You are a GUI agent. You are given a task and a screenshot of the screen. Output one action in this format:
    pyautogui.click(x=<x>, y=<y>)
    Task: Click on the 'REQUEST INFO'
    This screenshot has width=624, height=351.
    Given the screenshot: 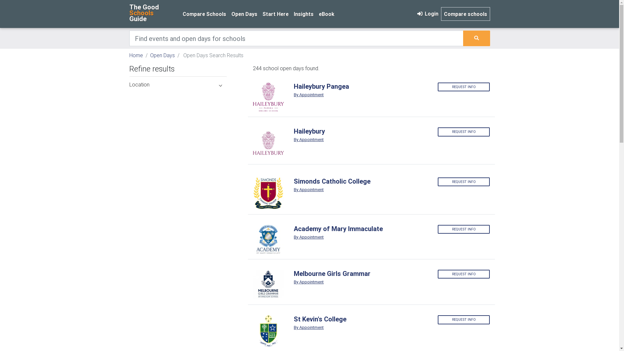 What is the action you would take?
    pyautogui.click(x=463, y=274)
    